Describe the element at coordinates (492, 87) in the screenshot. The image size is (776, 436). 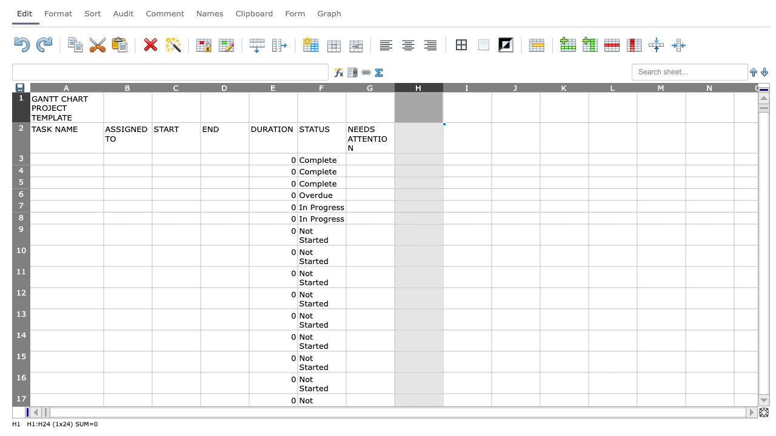
I see `the width adjustment handle for column I` at that location.